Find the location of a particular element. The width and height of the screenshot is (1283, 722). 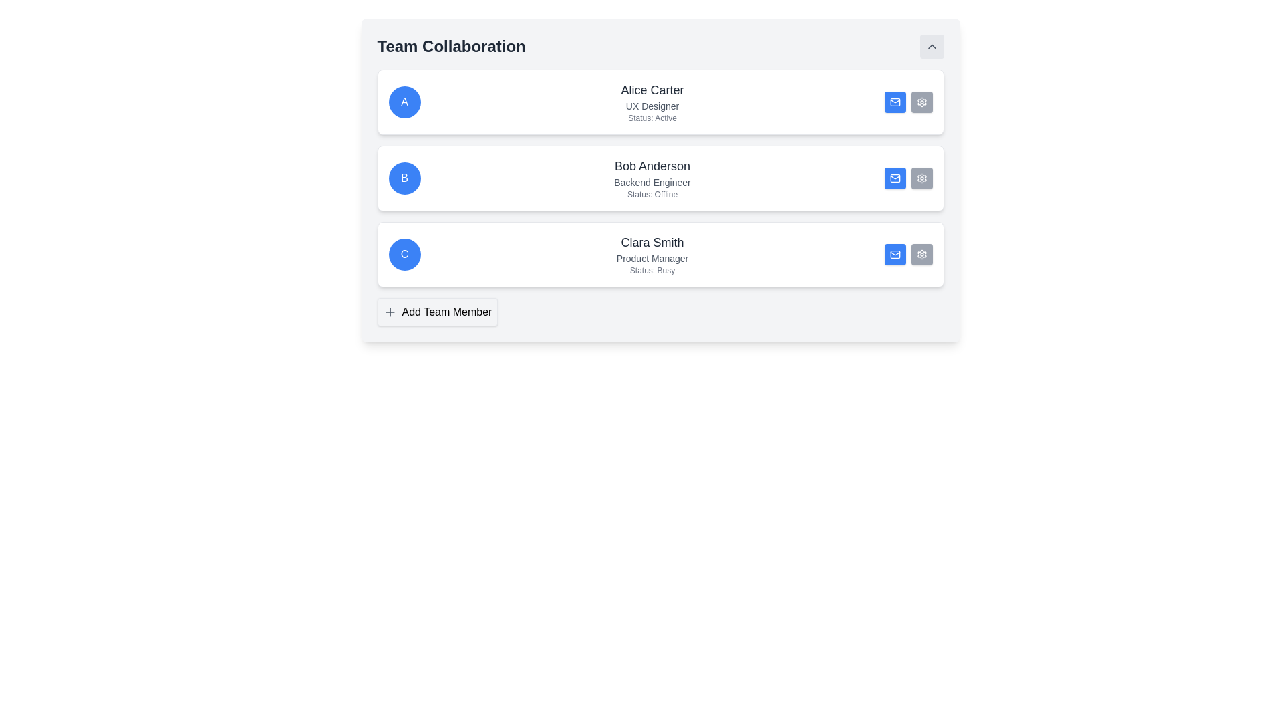

text from the 'Status: Busy' label, which is styled in a small gray font and located below the 'Product Manager' label in Clara Smith's details is located at coordinates (652, 271).